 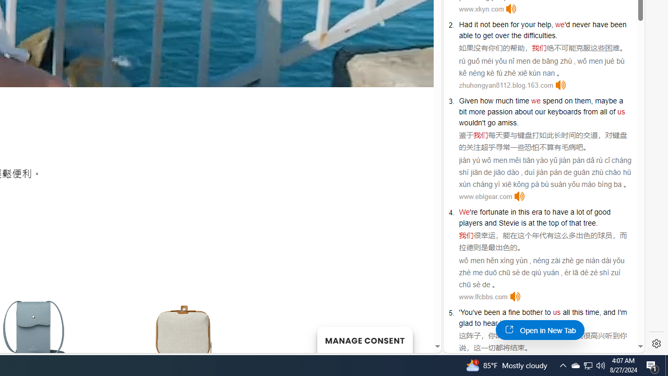 I want to click on 'a bit', so click(x=541, y=106).